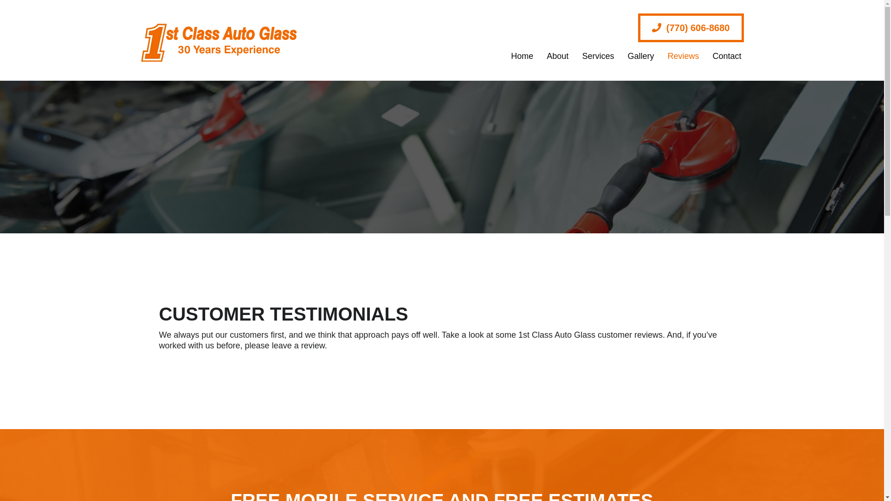 This screenshot has height=501, width=891. What do you see at coordinates (0, 0) in the screenshot?
I see `'Skip to content'` at bounding box center [0, 0].